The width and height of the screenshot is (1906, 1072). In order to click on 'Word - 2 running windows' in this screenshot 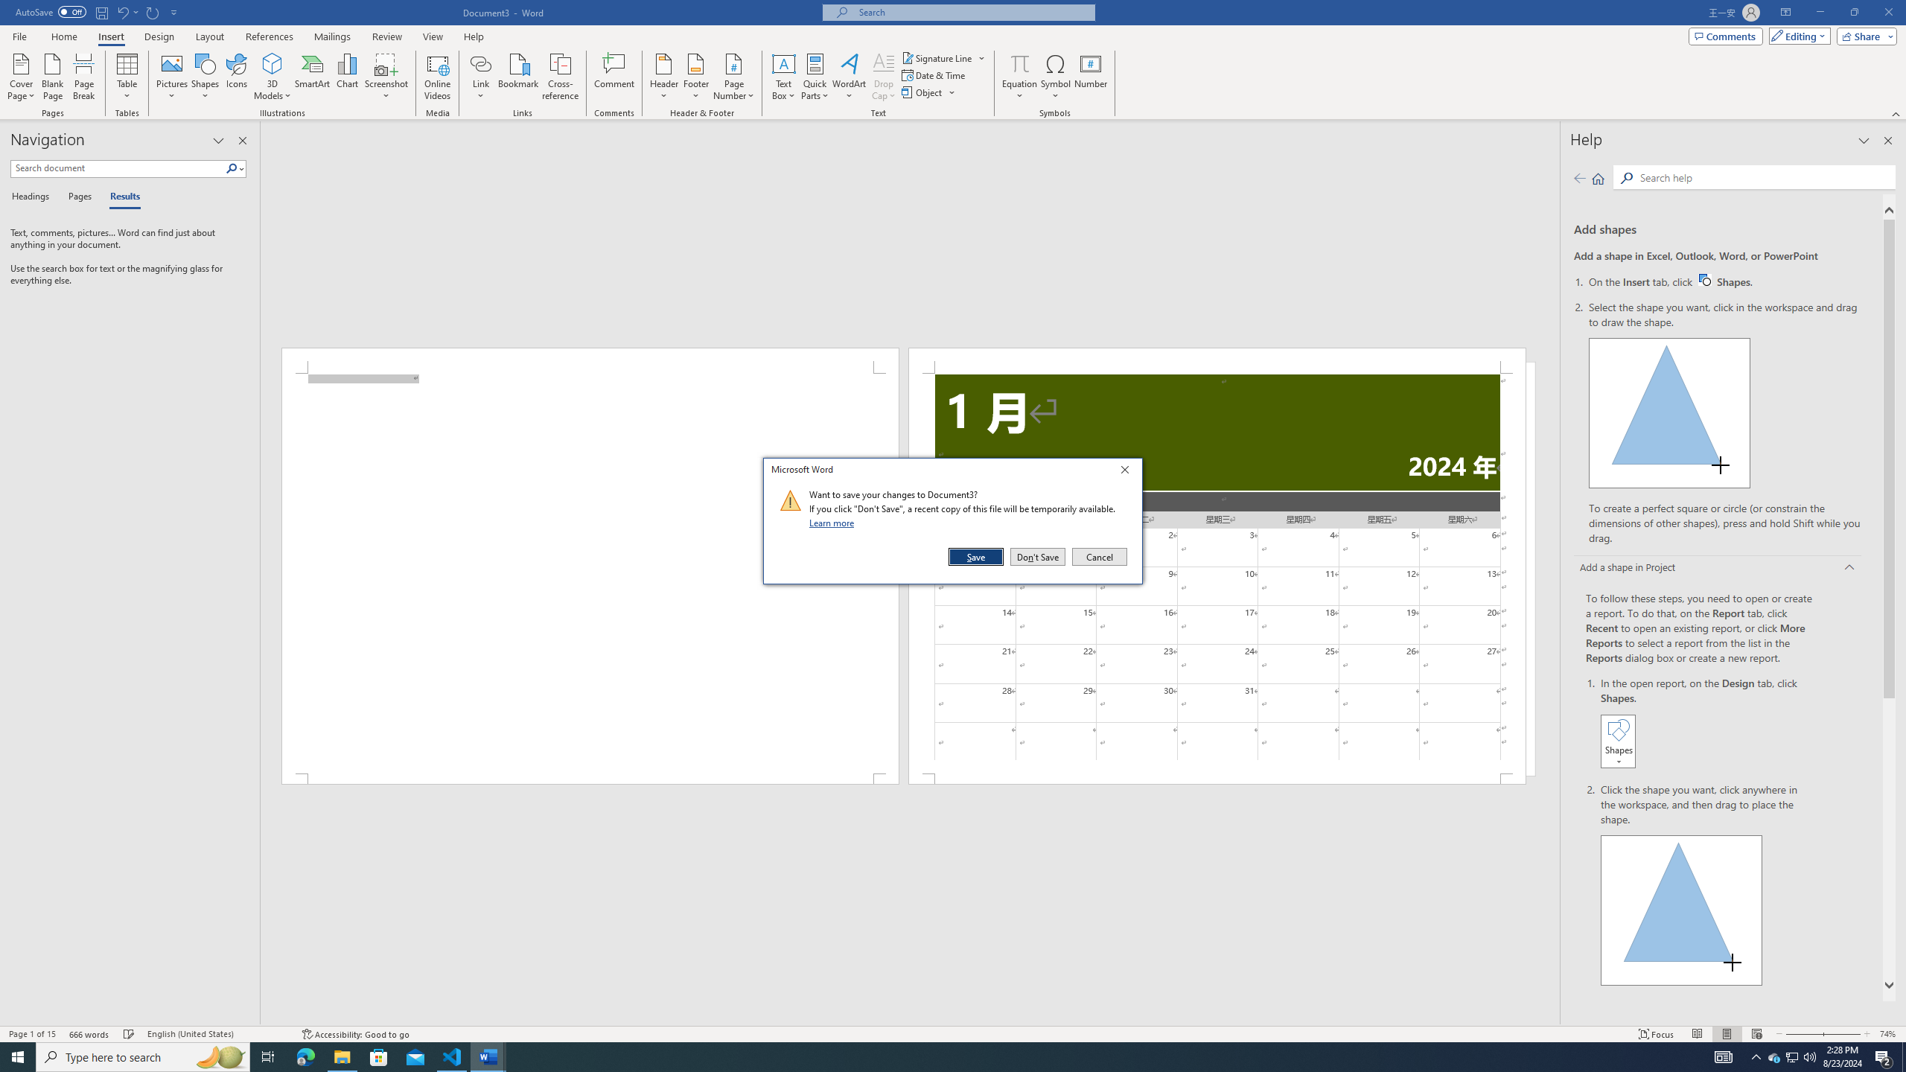, I will do `click(488, 1056)`.